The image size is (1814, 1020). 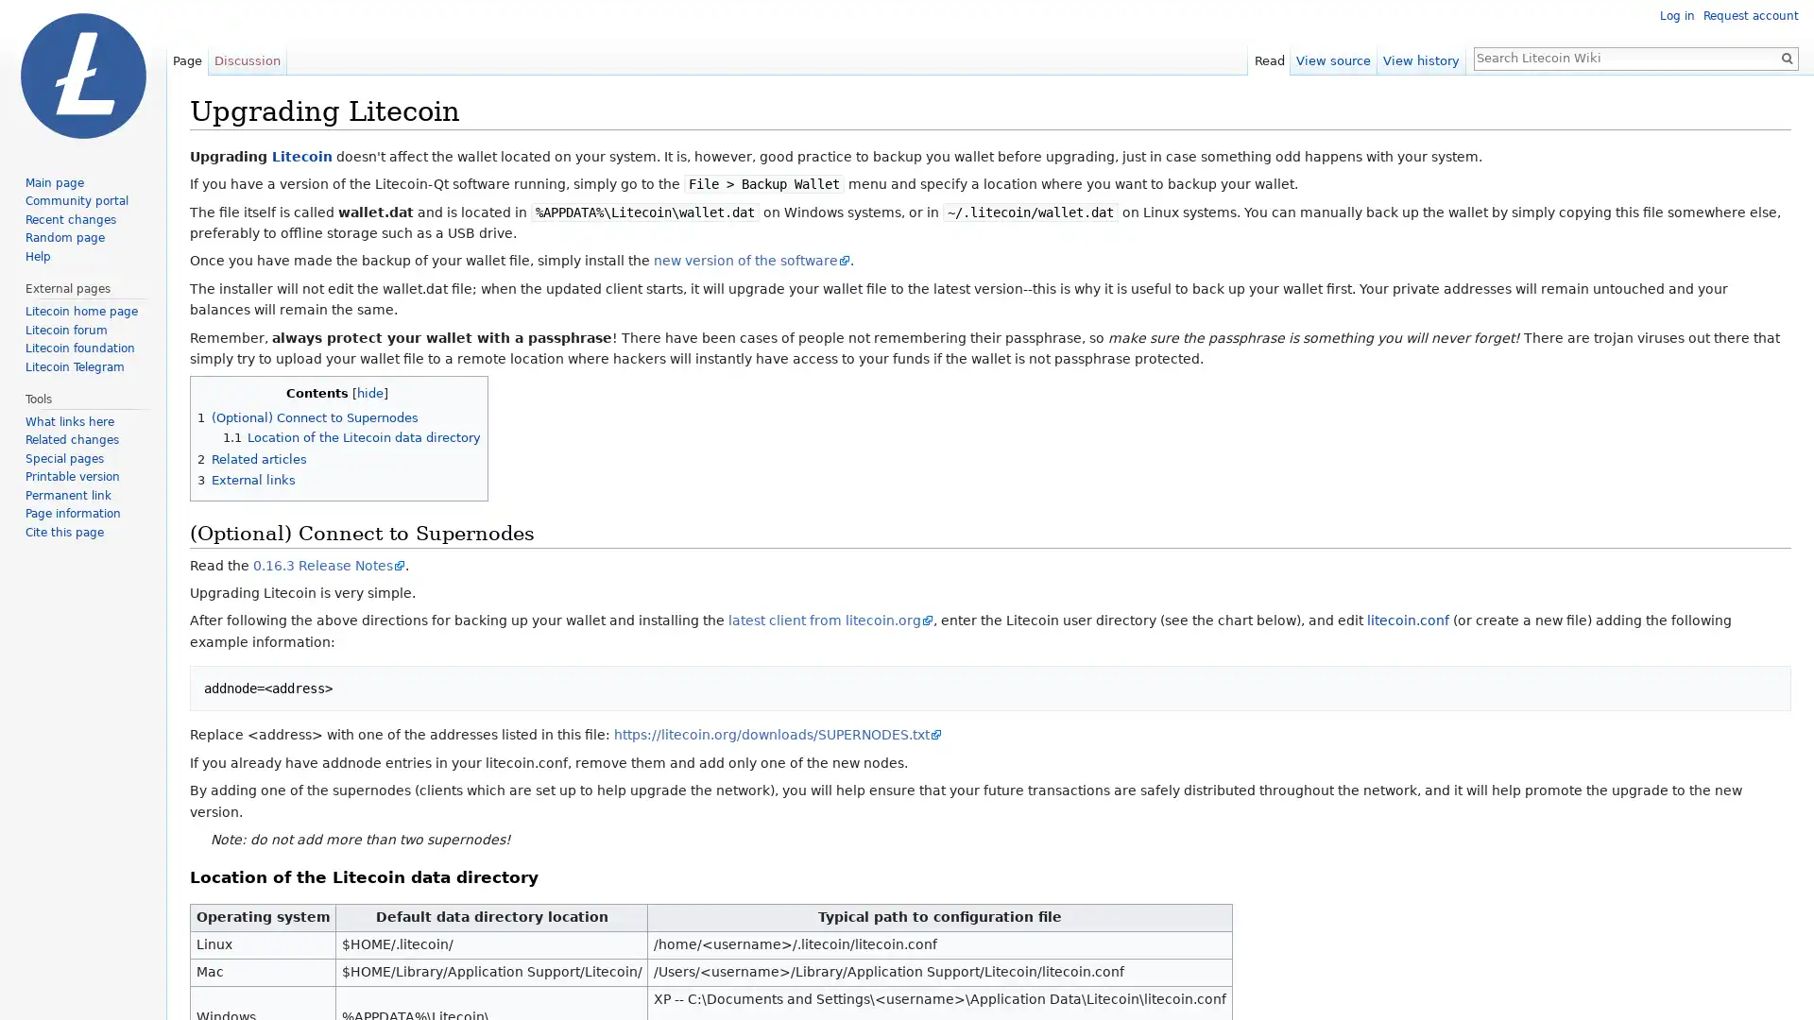 What do you see at coordinates (370, 392) in the screenshot?
I see `hide` at bounding box center [370, 392].